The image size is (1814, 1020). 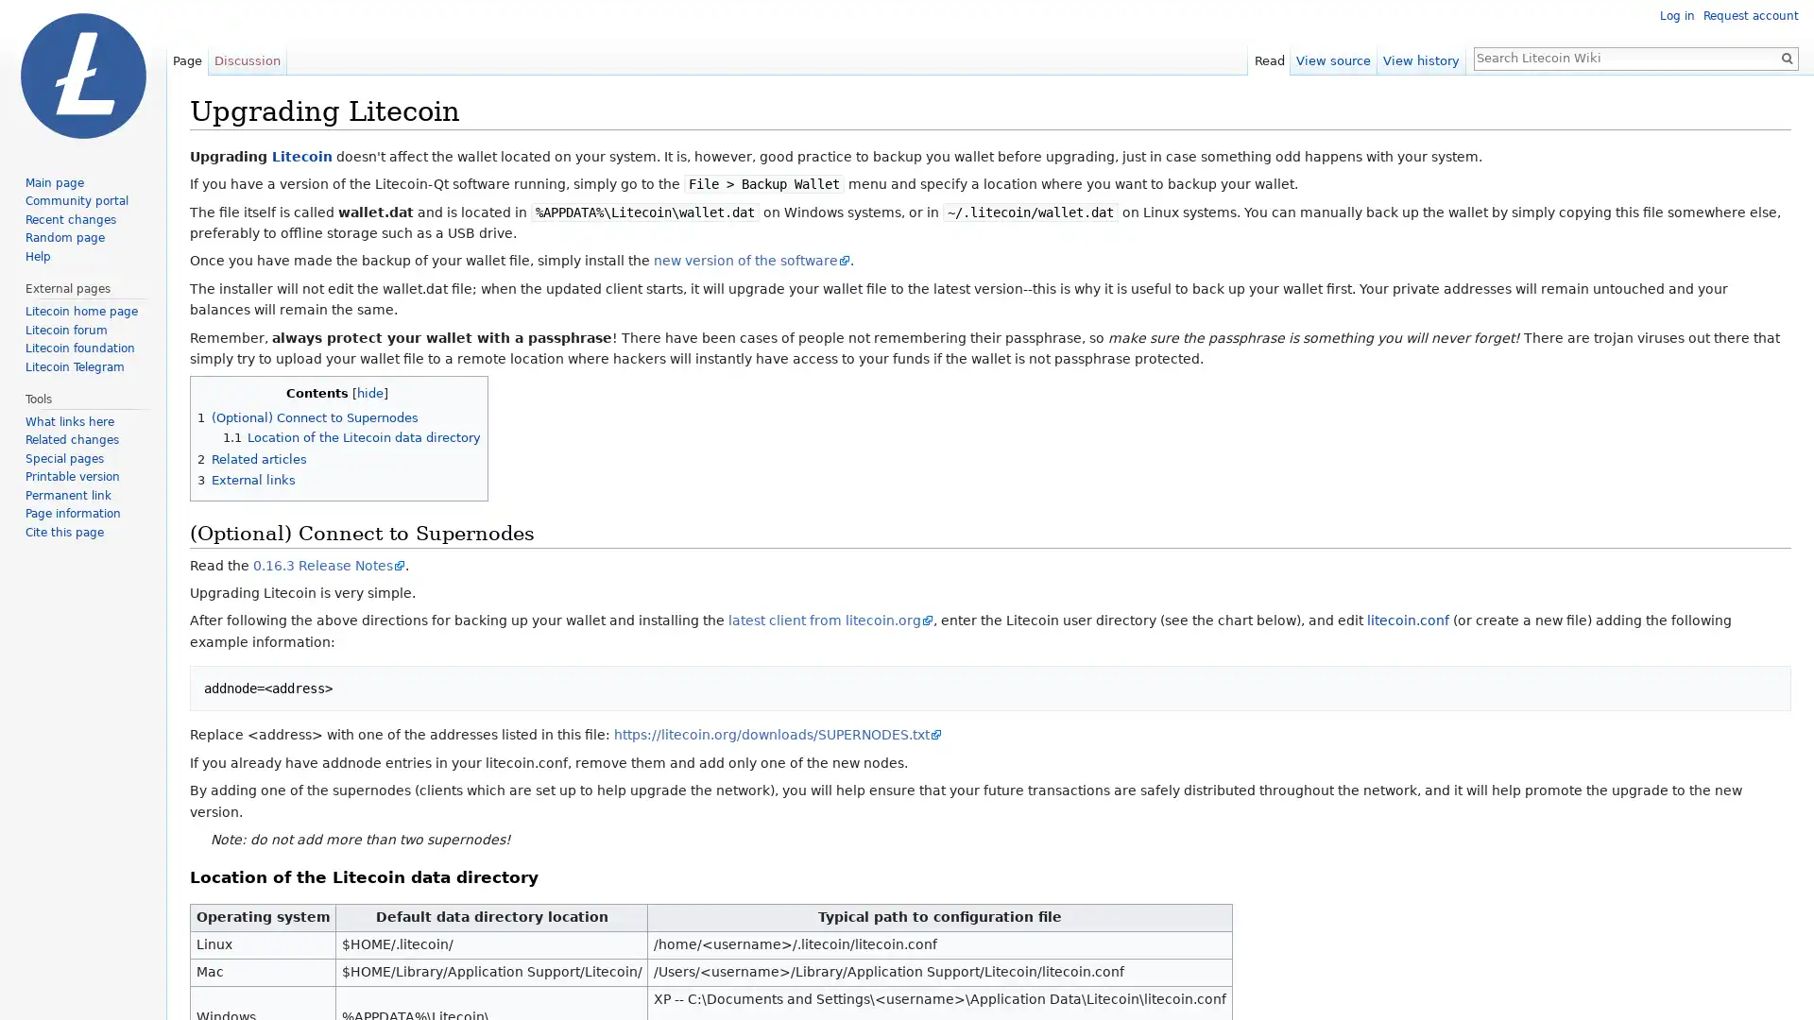 What do you see at coordinates (370, 392) in the screenshot?
I see `hide` at bounding box center [370, 392].